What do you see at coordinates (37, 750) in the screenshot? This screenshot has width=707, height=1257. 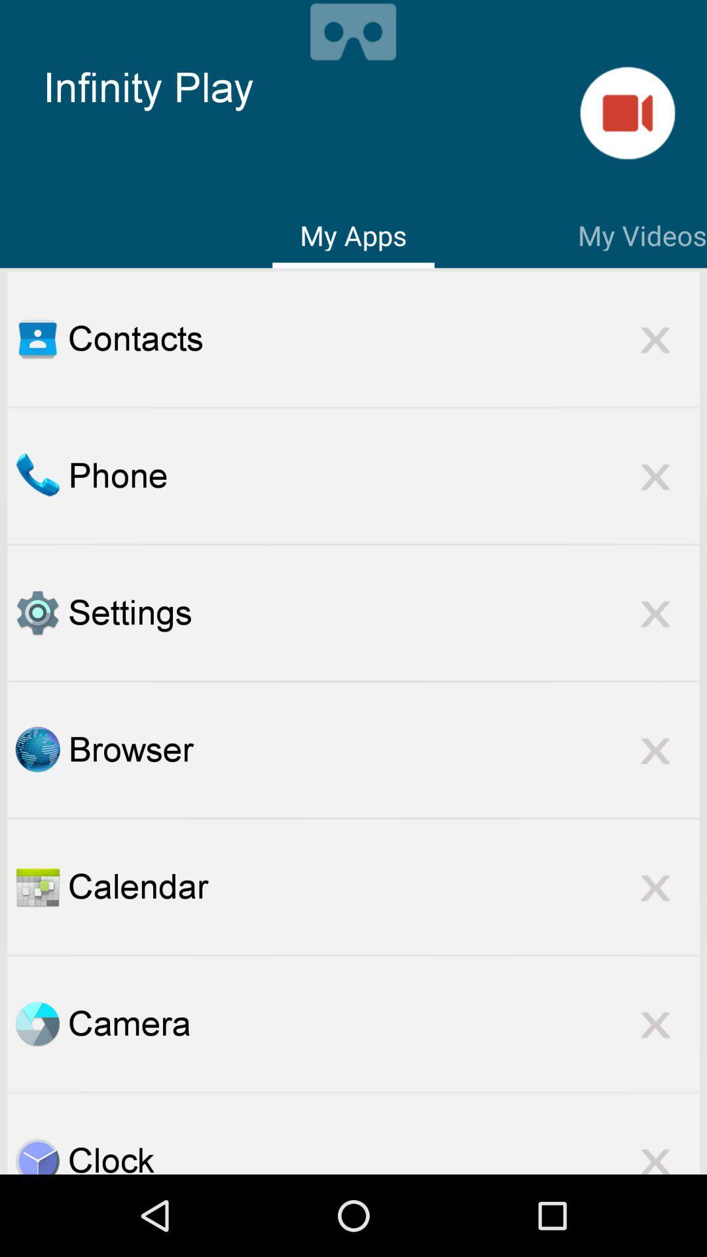 I see `open browser` at bounding box center [37, 750].